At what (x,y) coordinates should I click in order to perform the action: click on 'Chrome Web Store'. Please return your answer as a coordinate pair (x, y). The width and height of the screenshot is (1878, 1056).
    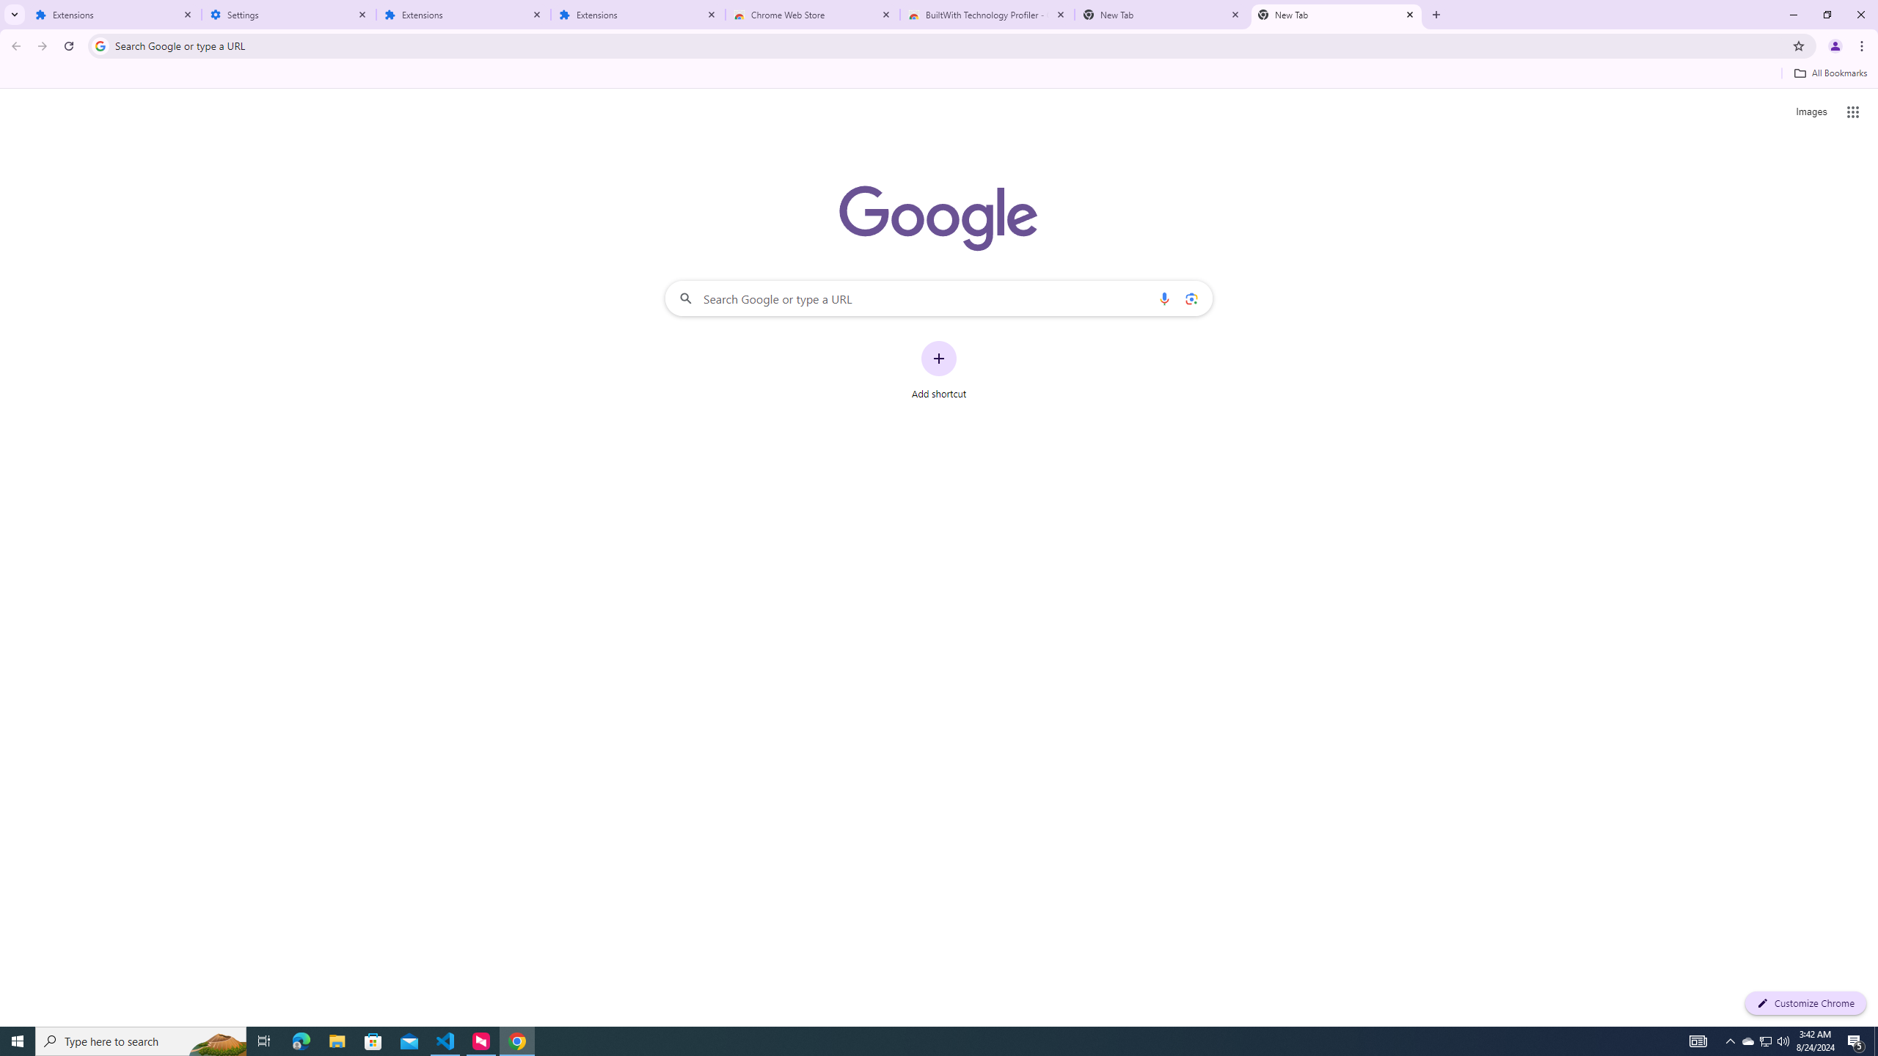
    Looking at the image, I should click on (813, 14).